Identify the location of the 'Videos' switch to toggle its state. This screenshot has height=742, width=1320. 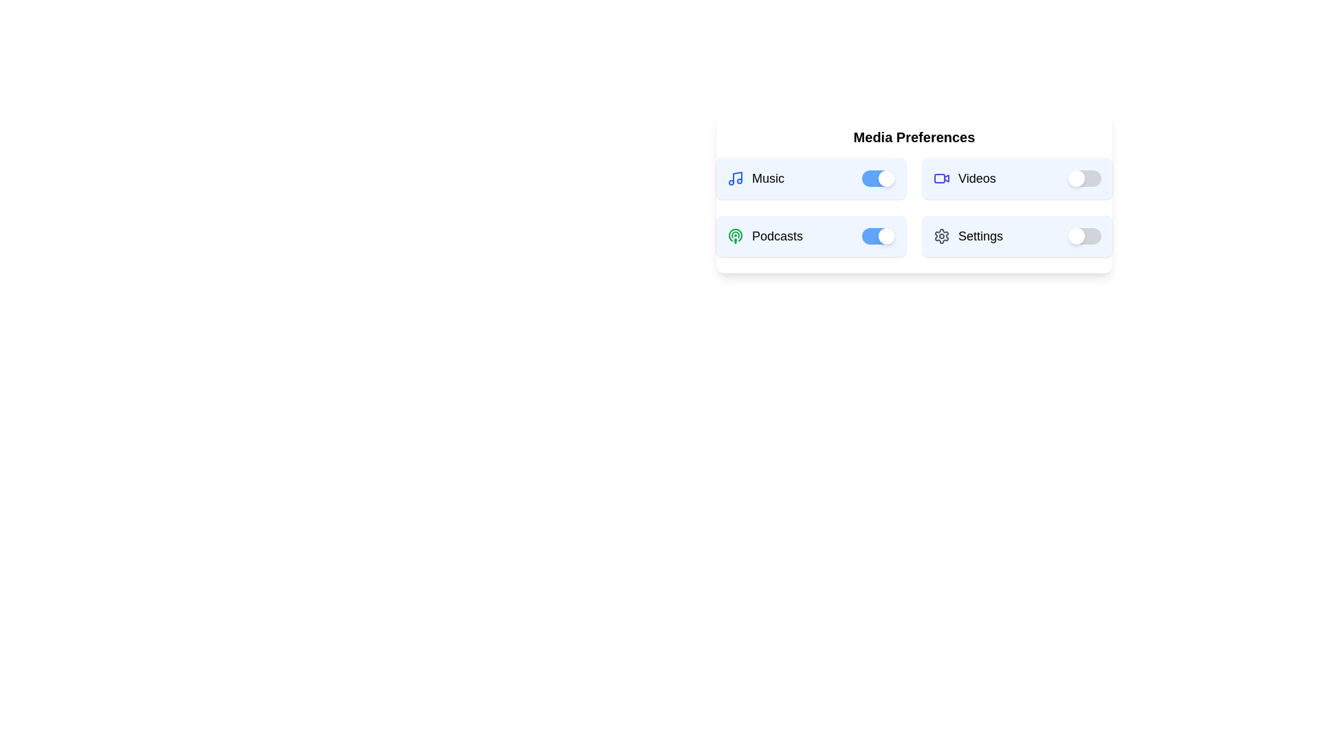
(1084, 177).